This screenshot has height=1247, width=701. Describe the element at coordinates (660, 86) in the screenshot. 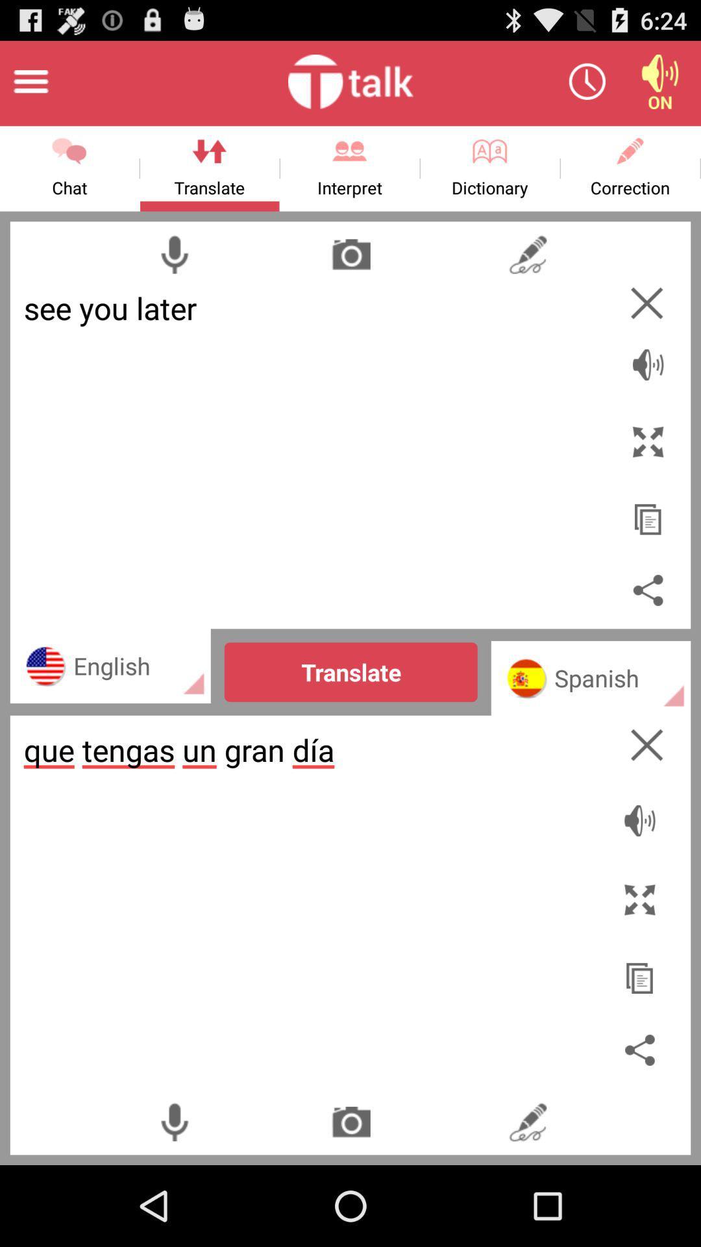

I see `the volume icon` at that location.